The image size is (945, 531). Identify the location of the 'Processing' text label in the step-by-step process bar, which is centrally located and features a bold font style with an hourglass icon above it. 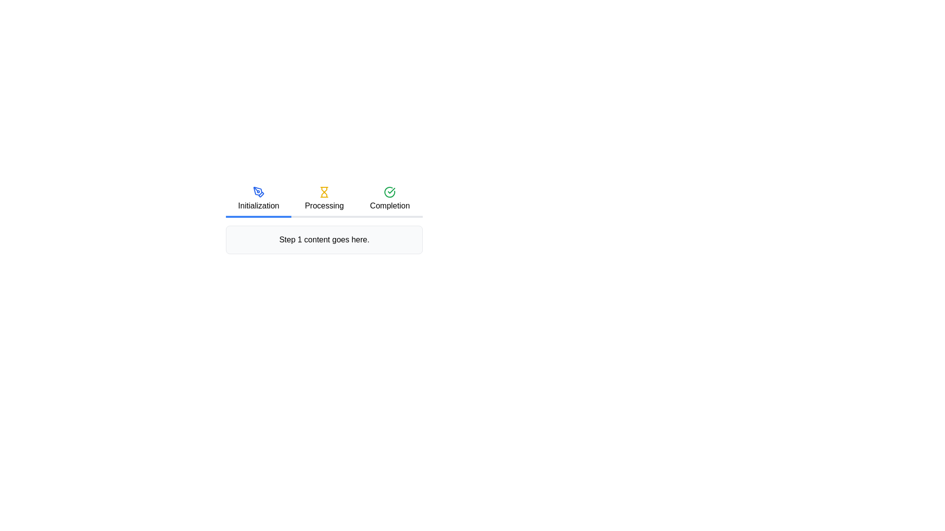
(324, 206).